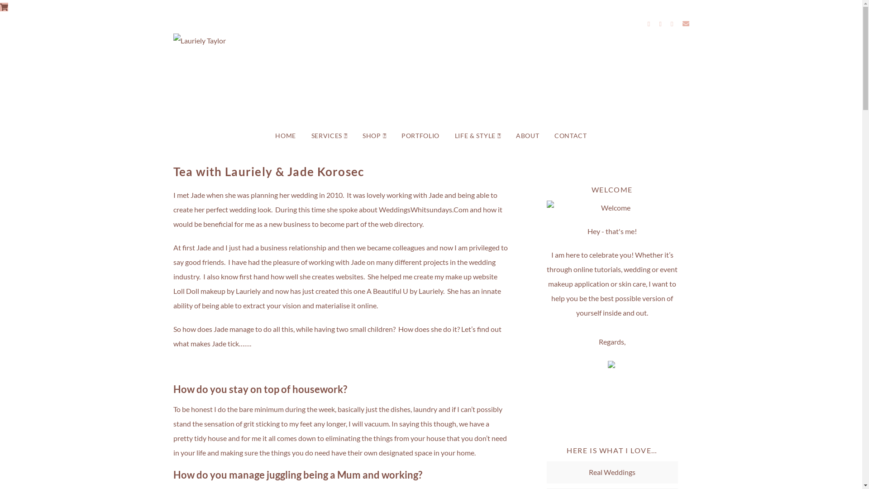 The width and height of the screenshot is (869, 489). What do you see at coordinates (268, 171) in the screenshot?
I see `'Tea with Lauriely & Jade Korosec'` at bounding box center [268, 171].